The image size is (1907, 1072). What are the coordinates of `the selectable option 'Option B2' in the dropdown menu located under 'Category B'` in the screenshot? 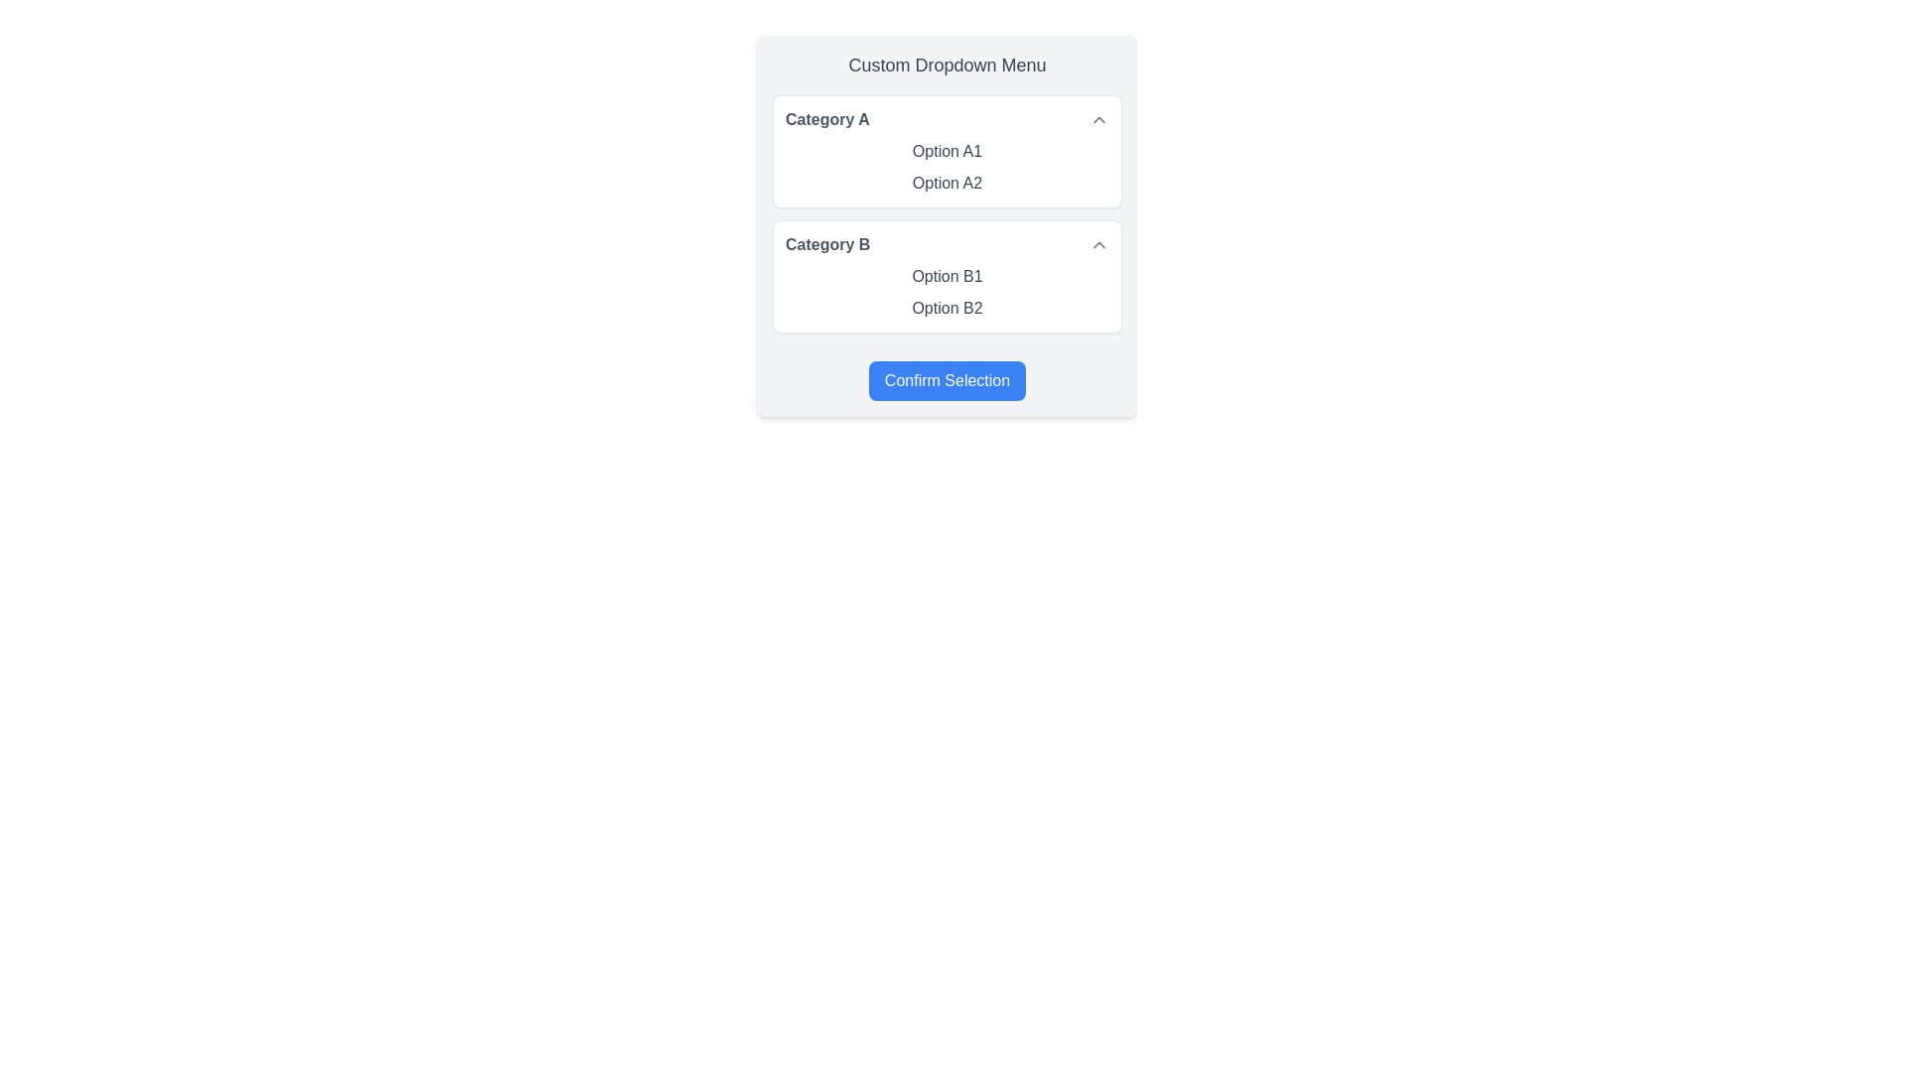 It's located at (947, 309).